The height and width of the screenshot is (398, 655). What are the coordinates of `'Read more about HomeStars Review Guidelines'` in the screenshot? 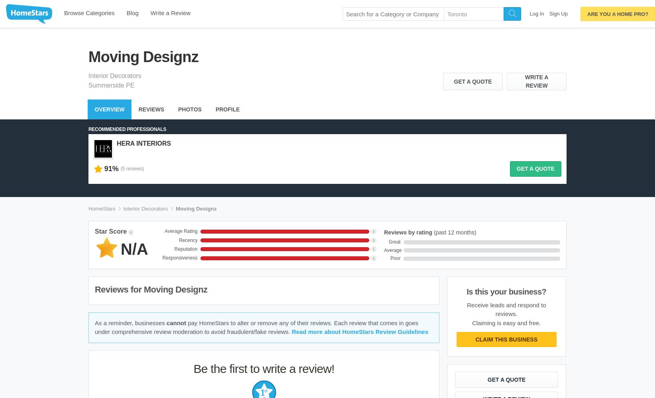 It's located at (360, 331).